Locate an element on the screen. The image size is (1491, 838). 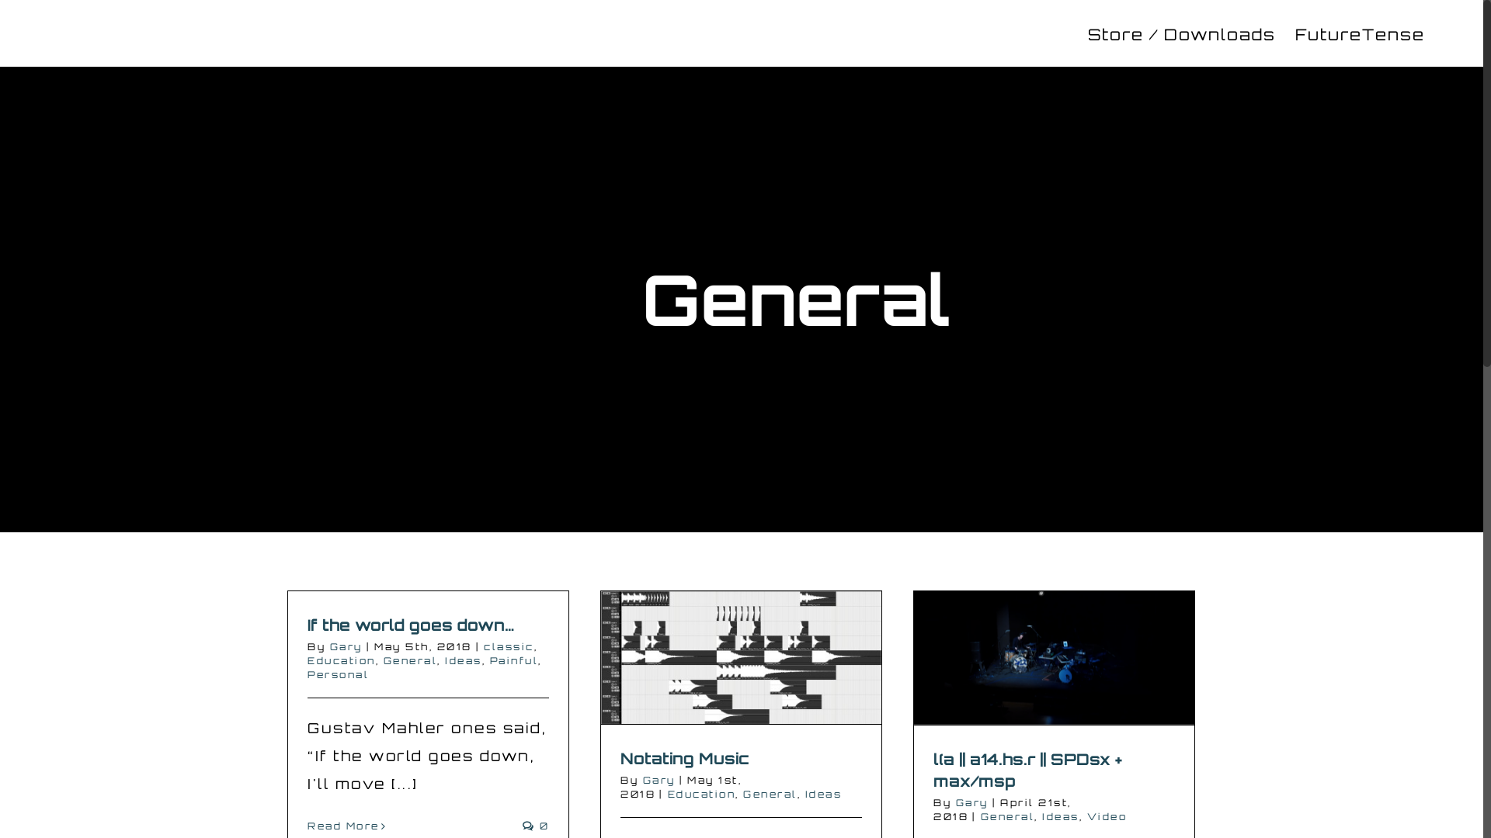
'Gary' is located at coordinates (971, 802).